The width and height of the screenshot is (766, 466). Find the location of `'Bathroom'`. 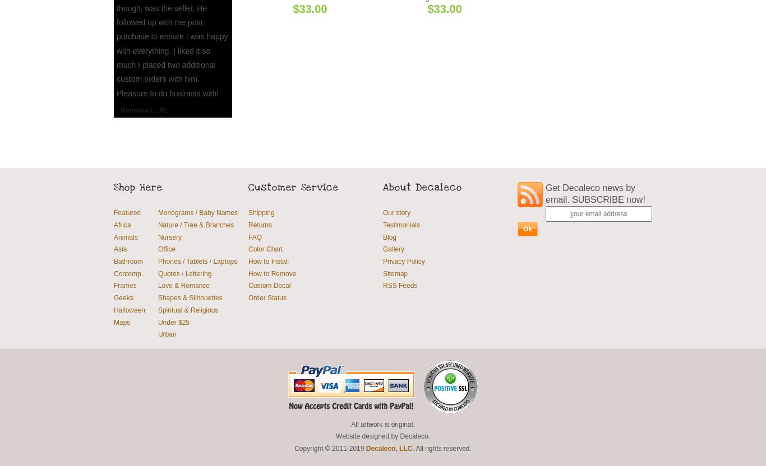

'Bathroom' is located at coordinates (128, 261).